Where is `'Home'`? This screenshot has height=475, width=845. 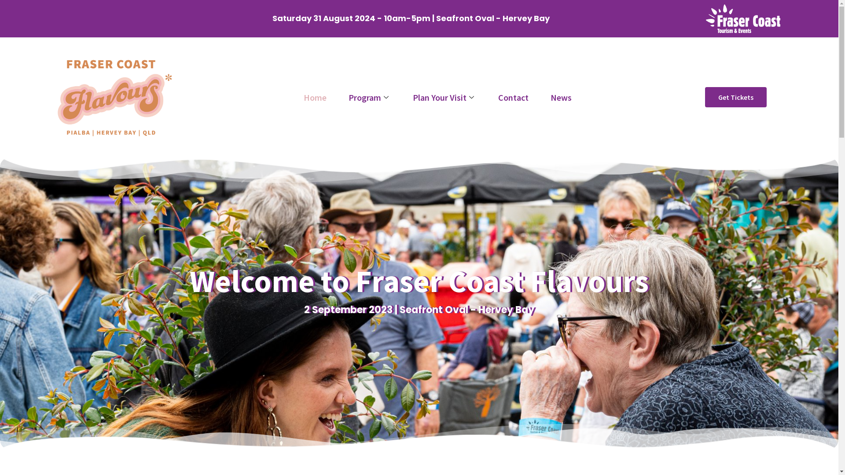 'Home' is located at coordinates (293, 97).